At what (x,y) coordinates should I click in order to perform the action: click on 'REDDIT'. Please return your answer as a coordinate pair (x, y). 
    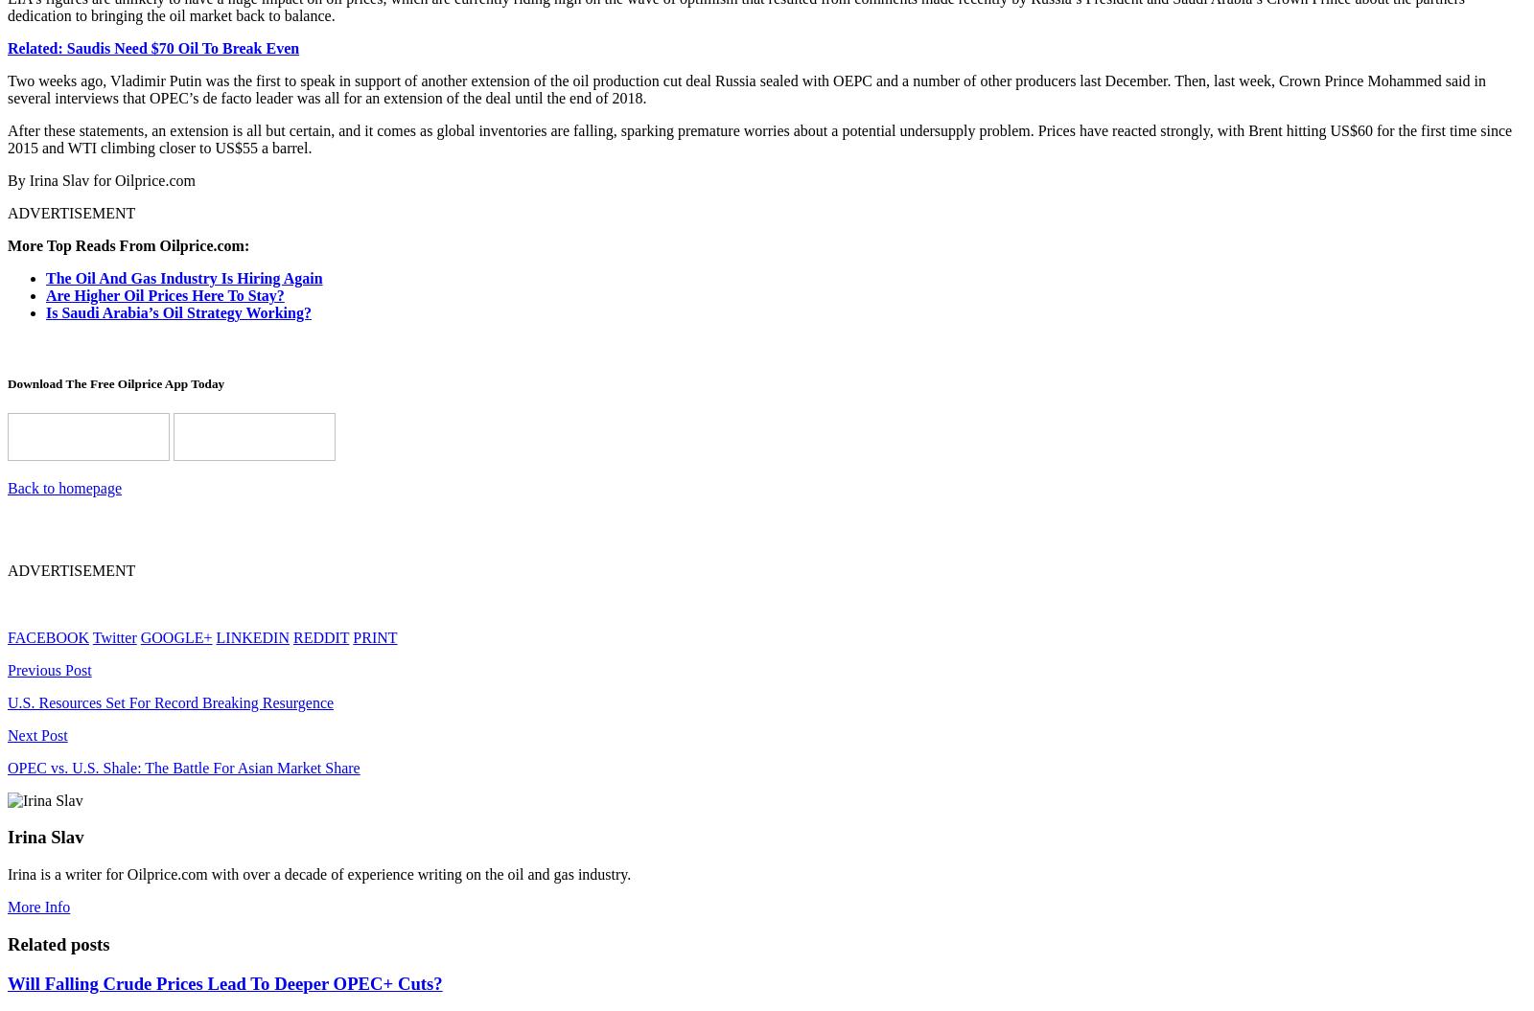
    Looking at the image, I should click on (320, 635).